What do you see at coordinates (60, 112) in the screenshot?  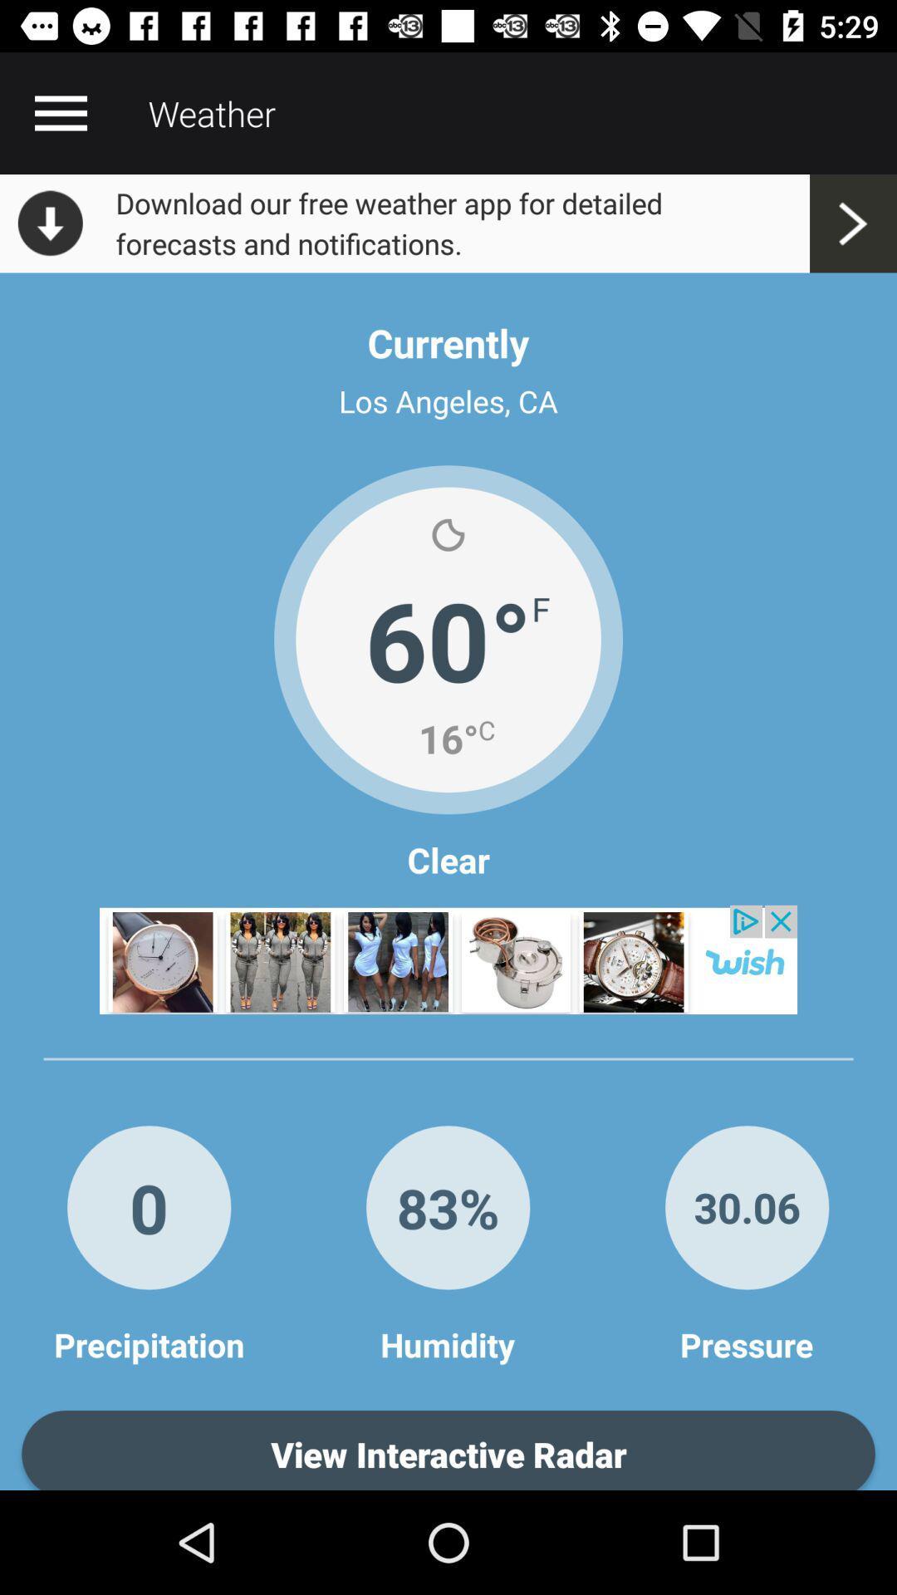 I see `menu option` at bounding box center [60, 112].